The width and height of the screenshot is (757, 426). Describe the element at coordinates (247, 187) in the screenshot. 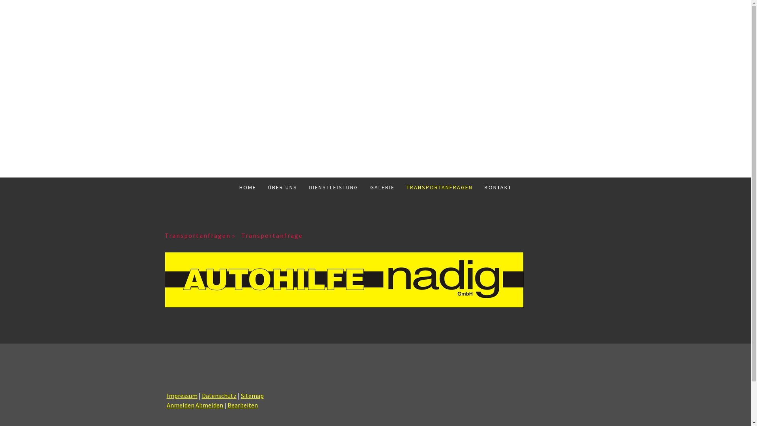

I see `'HOME'` at that location.